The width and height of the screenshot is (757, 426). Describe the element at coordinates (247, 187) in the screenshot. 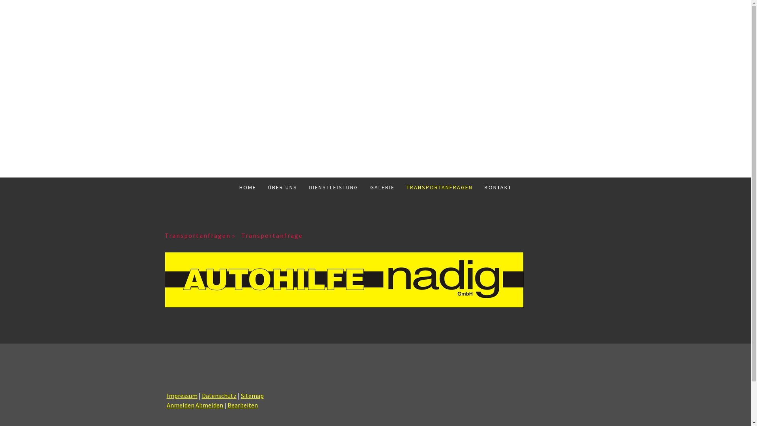

I see `'HOME'` at that location.